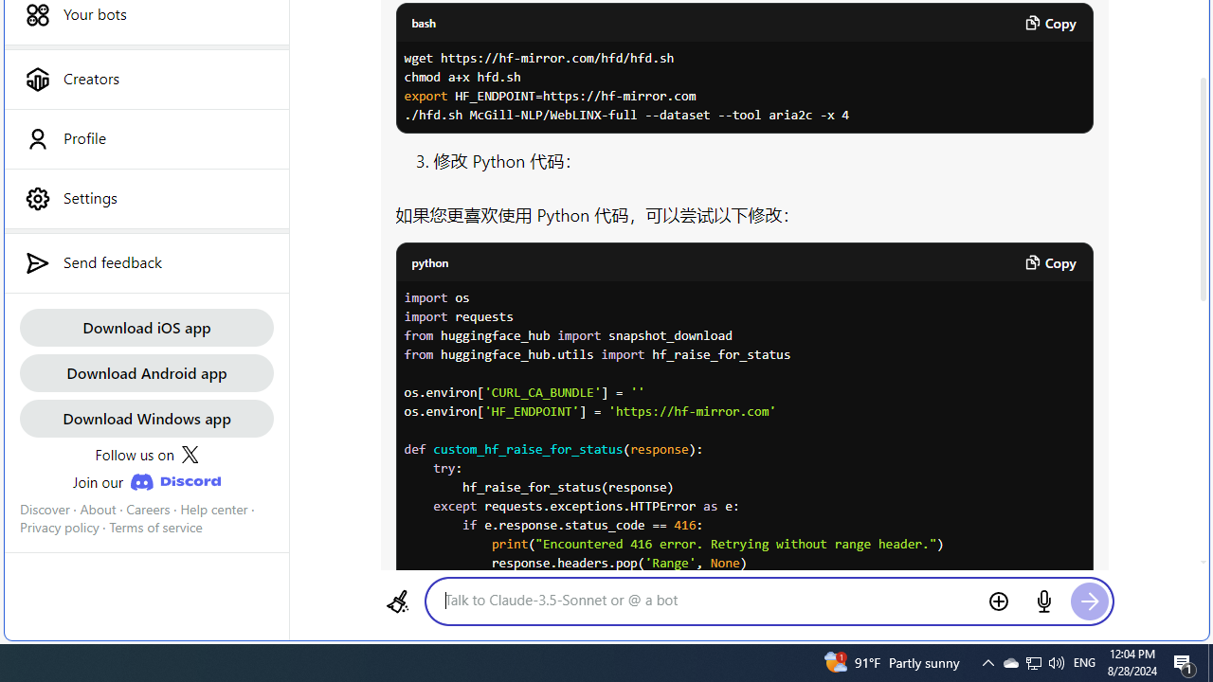 The width and height of the screenshot is (1213, 682). I want to click on 'Terms of service', so click(155, 528).